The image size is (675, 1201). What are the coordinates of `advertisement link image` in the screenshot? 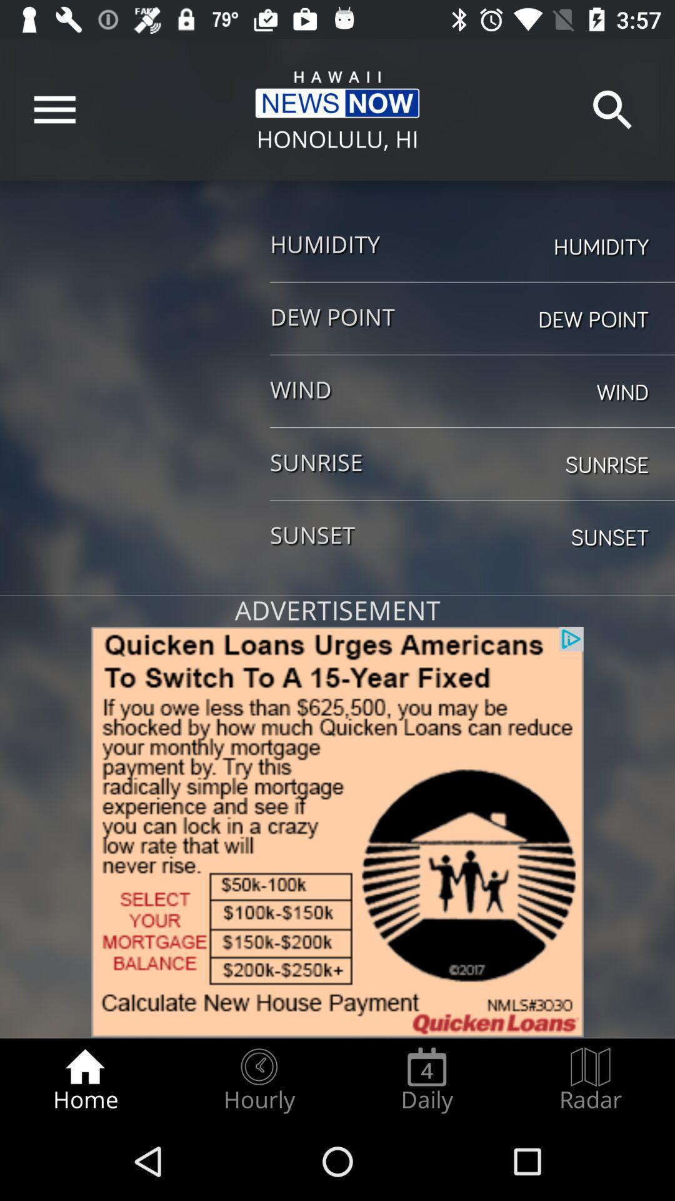 It's located at (337, 832).